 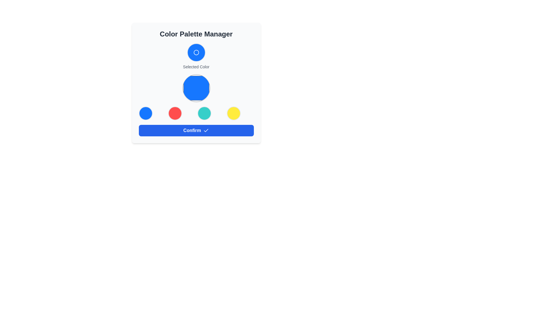 What do you see at coordinates (145, 113) in the screenshot?
I see `the blue color selector button, which is the first circular button in a row of four located near the bottom of the interface` at bounding box center [145, 113].